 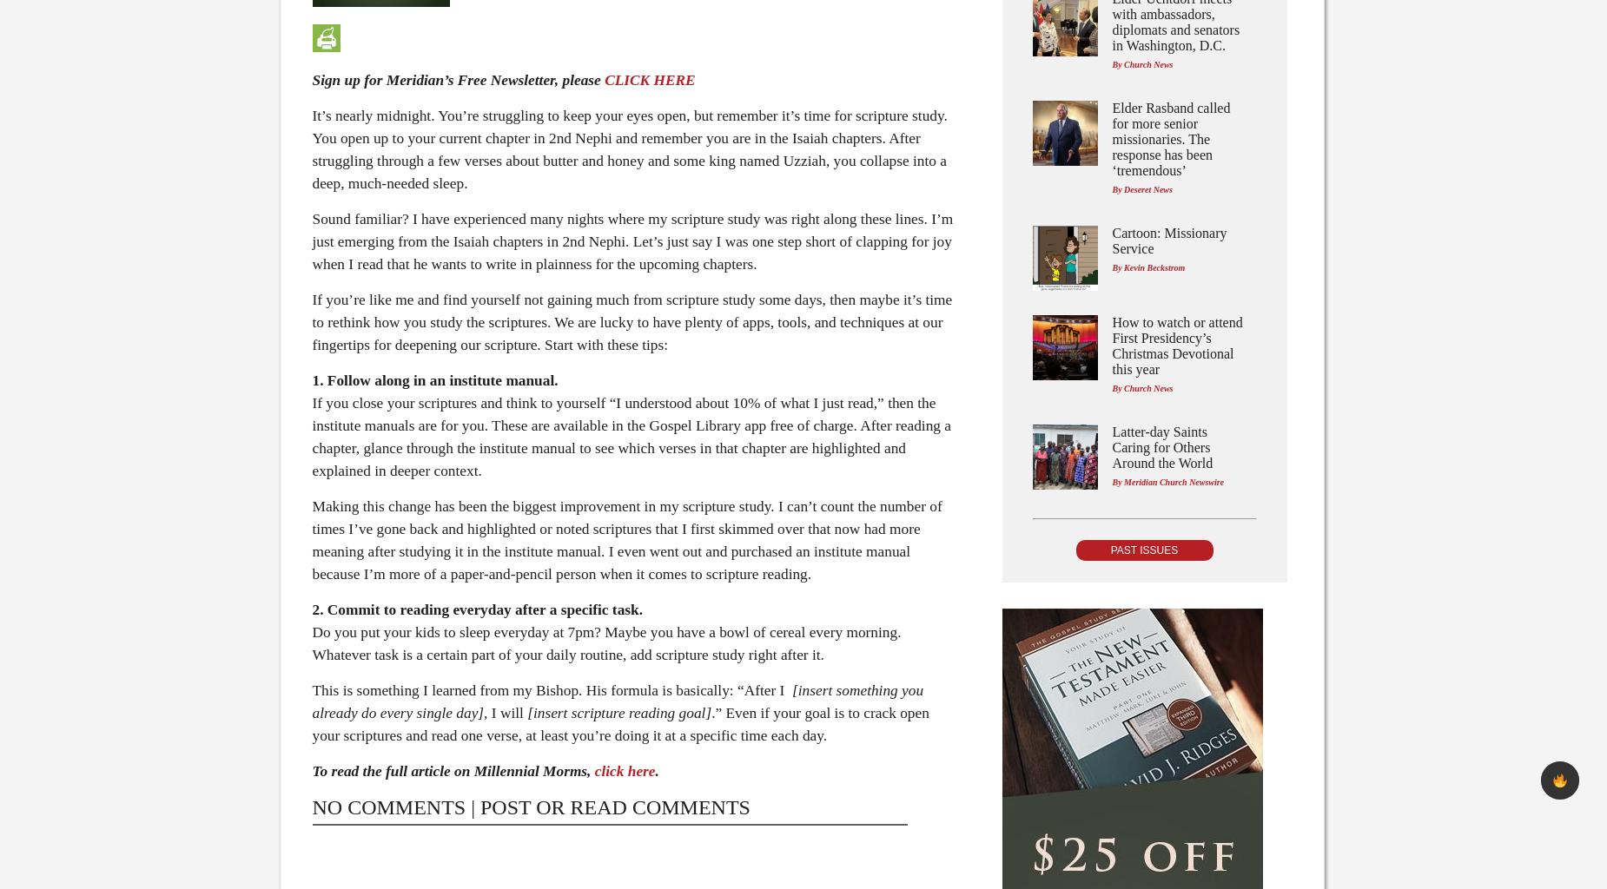 I want to click on 'Deseret News', so click(x=1147, y=188).